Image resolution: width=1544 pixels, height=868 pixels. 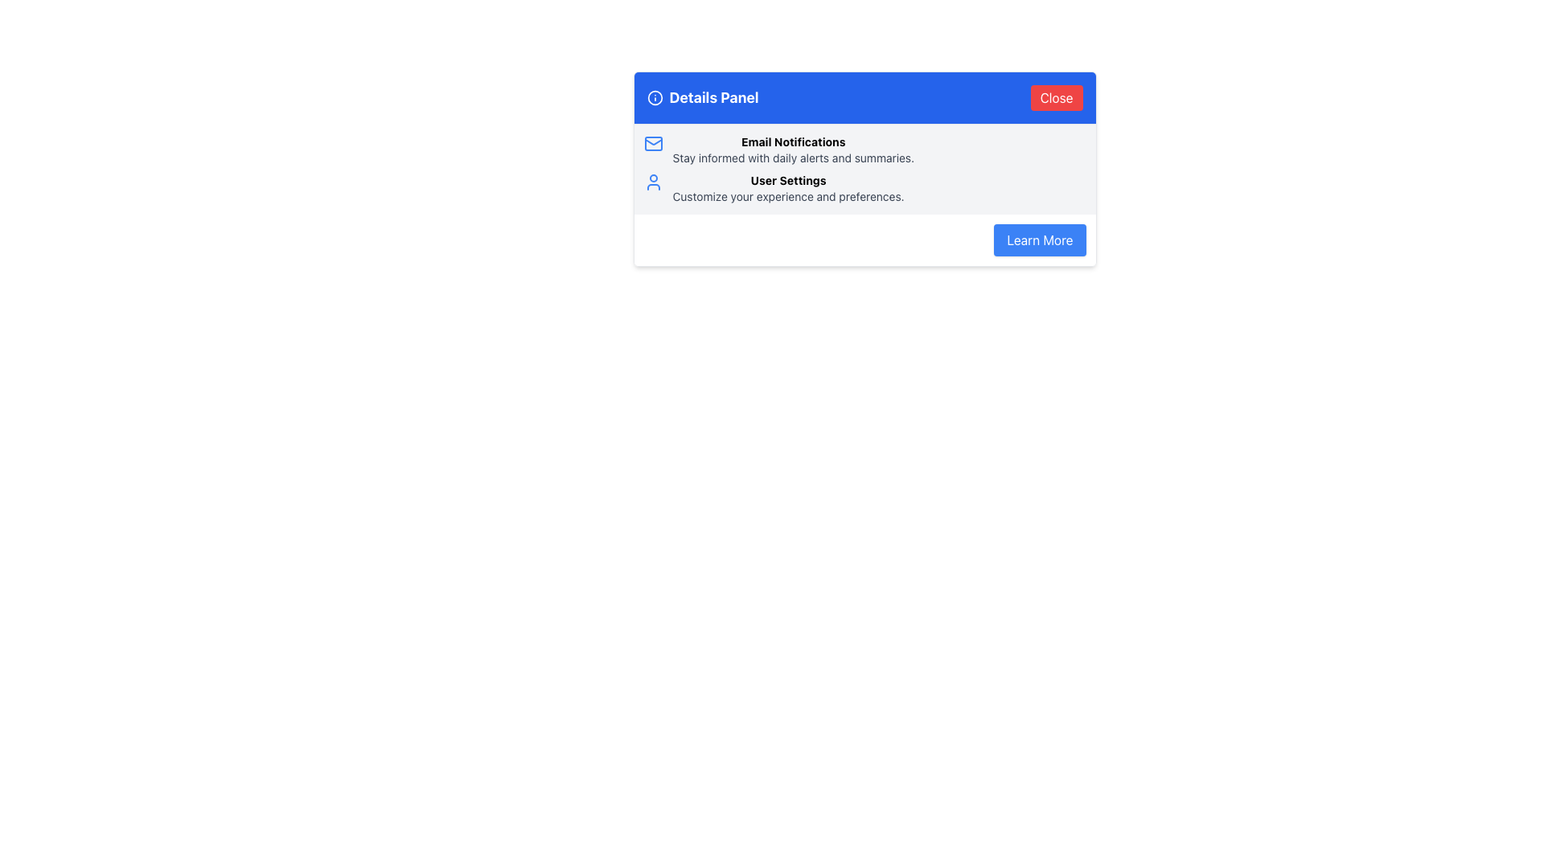 What do you see at coordinates (864, 149) in the screenshot?
I see `the icon at the top of the 'Details Panel' section, which serves as a section header for email notifications` at bounding box center [864, 149].